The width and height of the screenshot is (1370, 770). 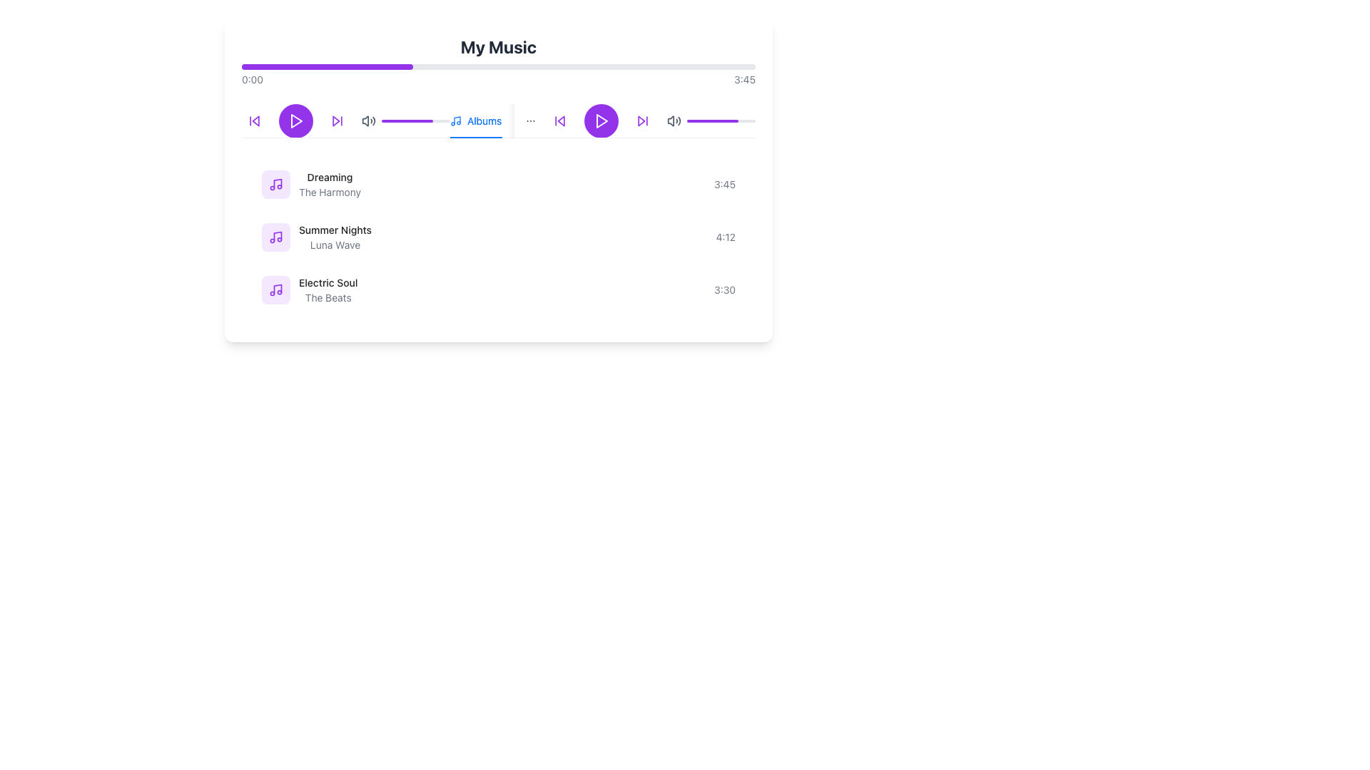 I want to click on playback position, so click(x=421, y=120).